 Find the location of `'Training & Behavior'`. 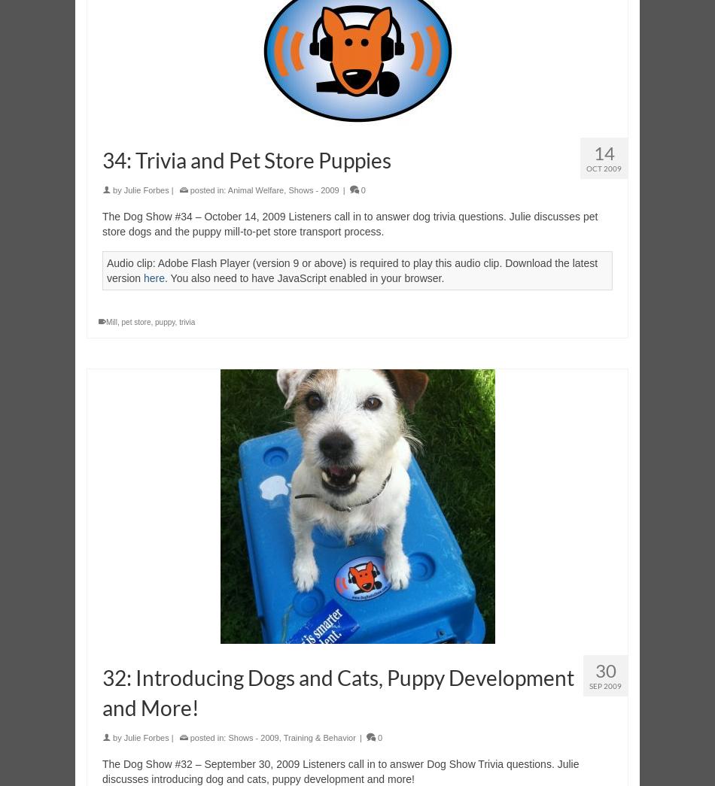

'Training & Behavior' is located at coordinates (318, 737).